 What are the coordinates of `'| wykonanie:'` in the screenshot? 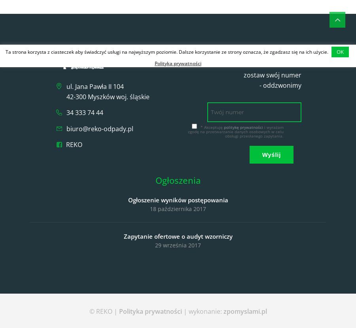 It's located at (202, 311).